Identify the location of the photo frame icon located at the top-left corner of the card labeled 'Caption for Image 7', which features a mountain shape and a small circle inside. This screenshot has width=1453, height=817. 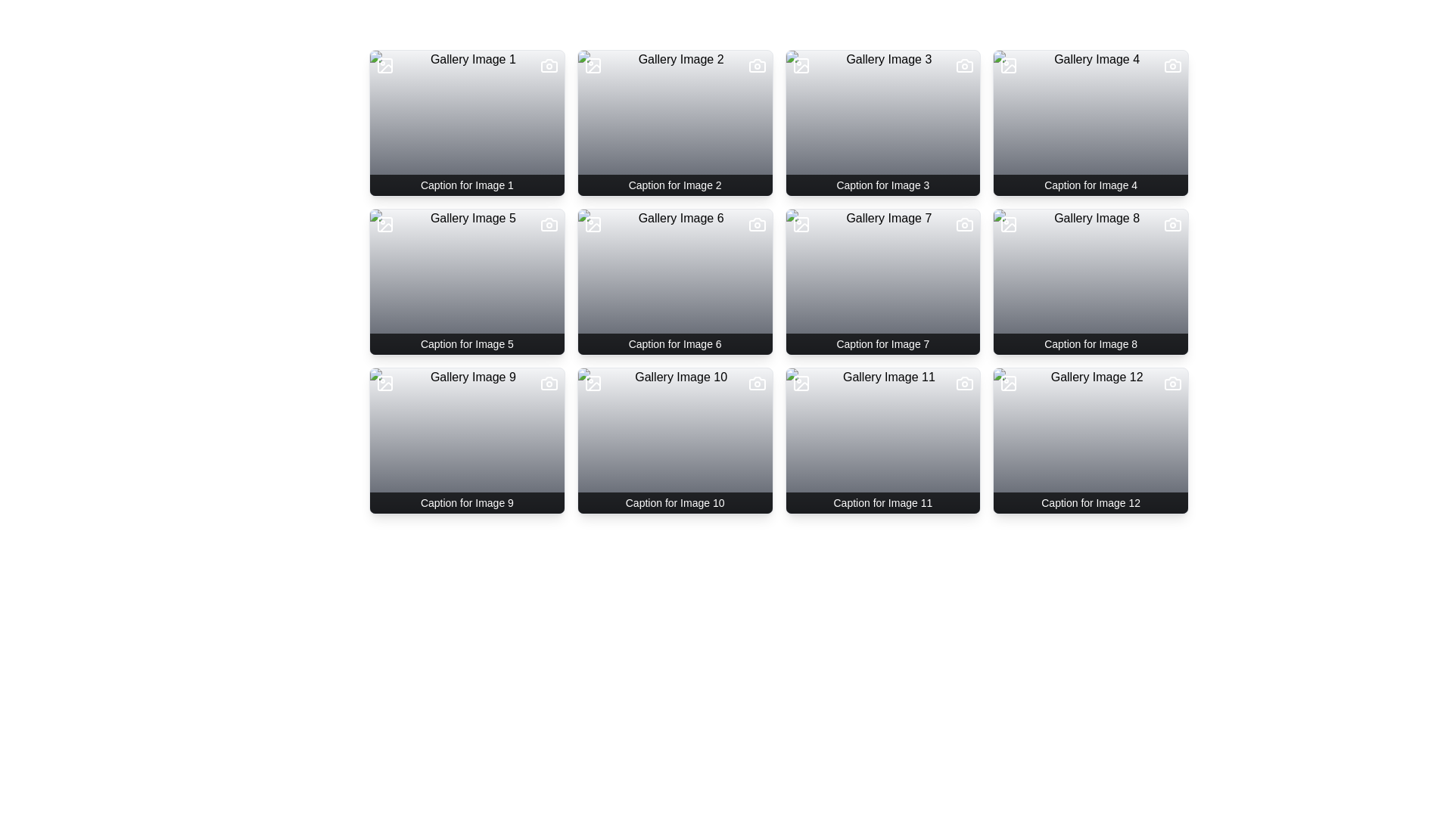
(800, 225).